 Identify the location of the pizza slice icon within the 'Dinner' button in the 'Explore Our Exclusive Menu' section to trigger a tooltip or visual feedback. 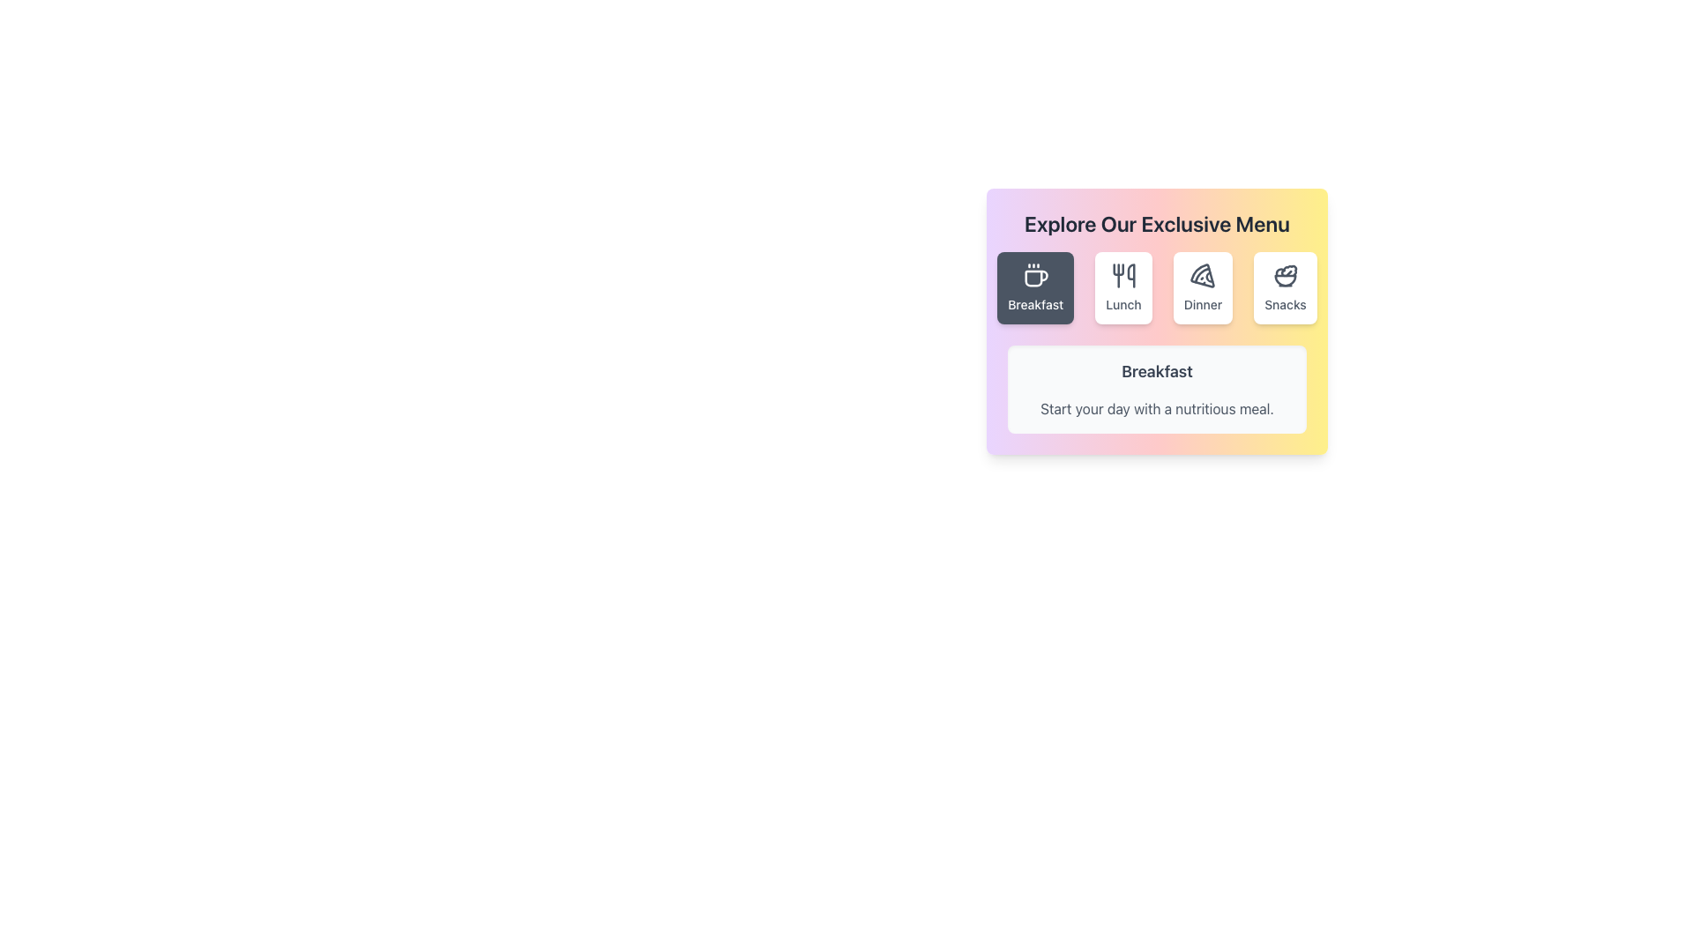
(1202, 275).